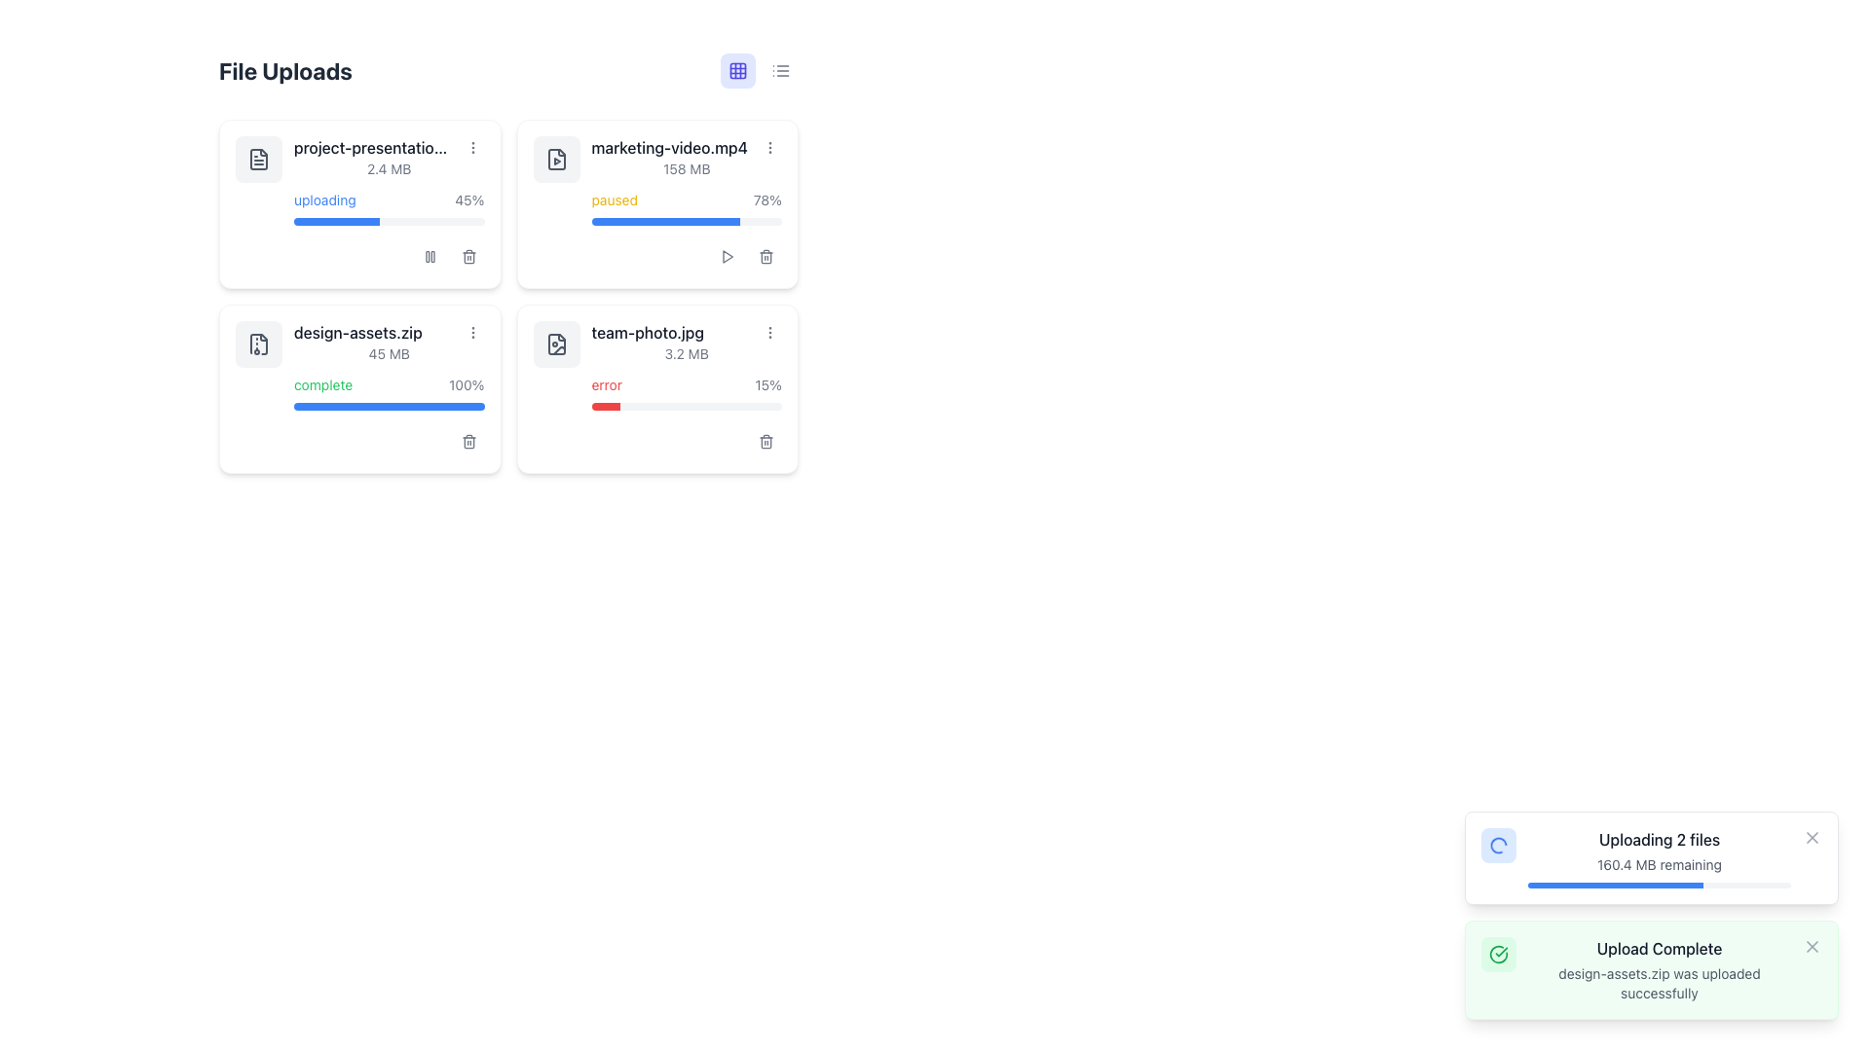 The height and width of the screenshot is (1051, 1870). What do you see at coordinates (657, 442) in the screenshot?
I see `the delete button located at the bottom-right corner of the file upload card for 'team-photo.jpg'` at bounding box center [657, 442].